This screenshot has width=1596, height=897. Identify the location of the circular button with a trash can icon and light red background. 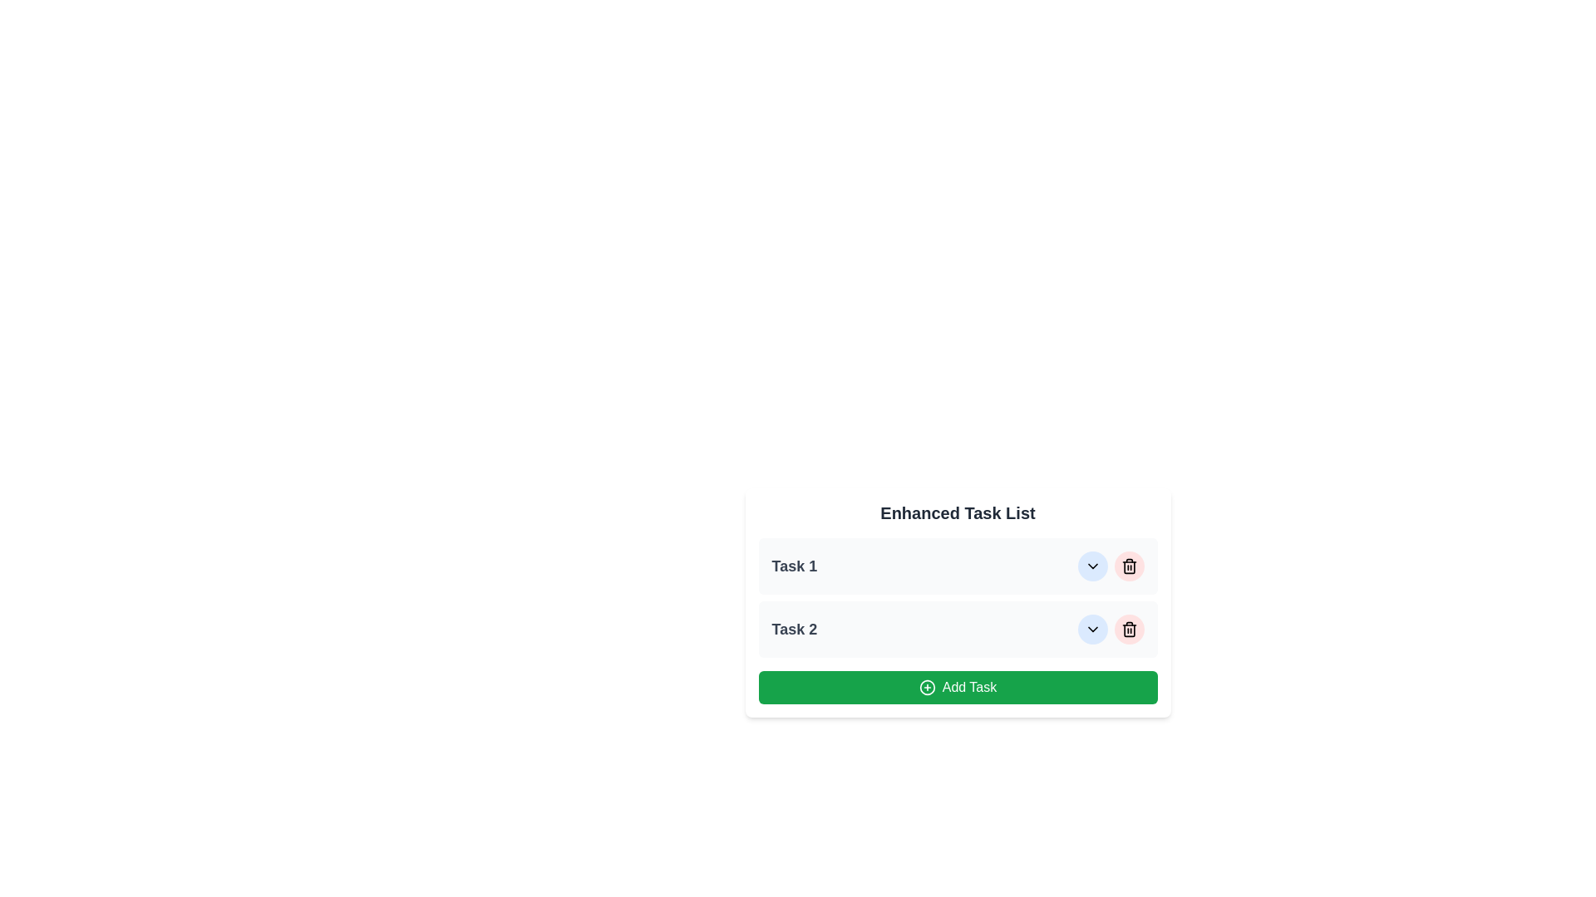
(1129, 566).